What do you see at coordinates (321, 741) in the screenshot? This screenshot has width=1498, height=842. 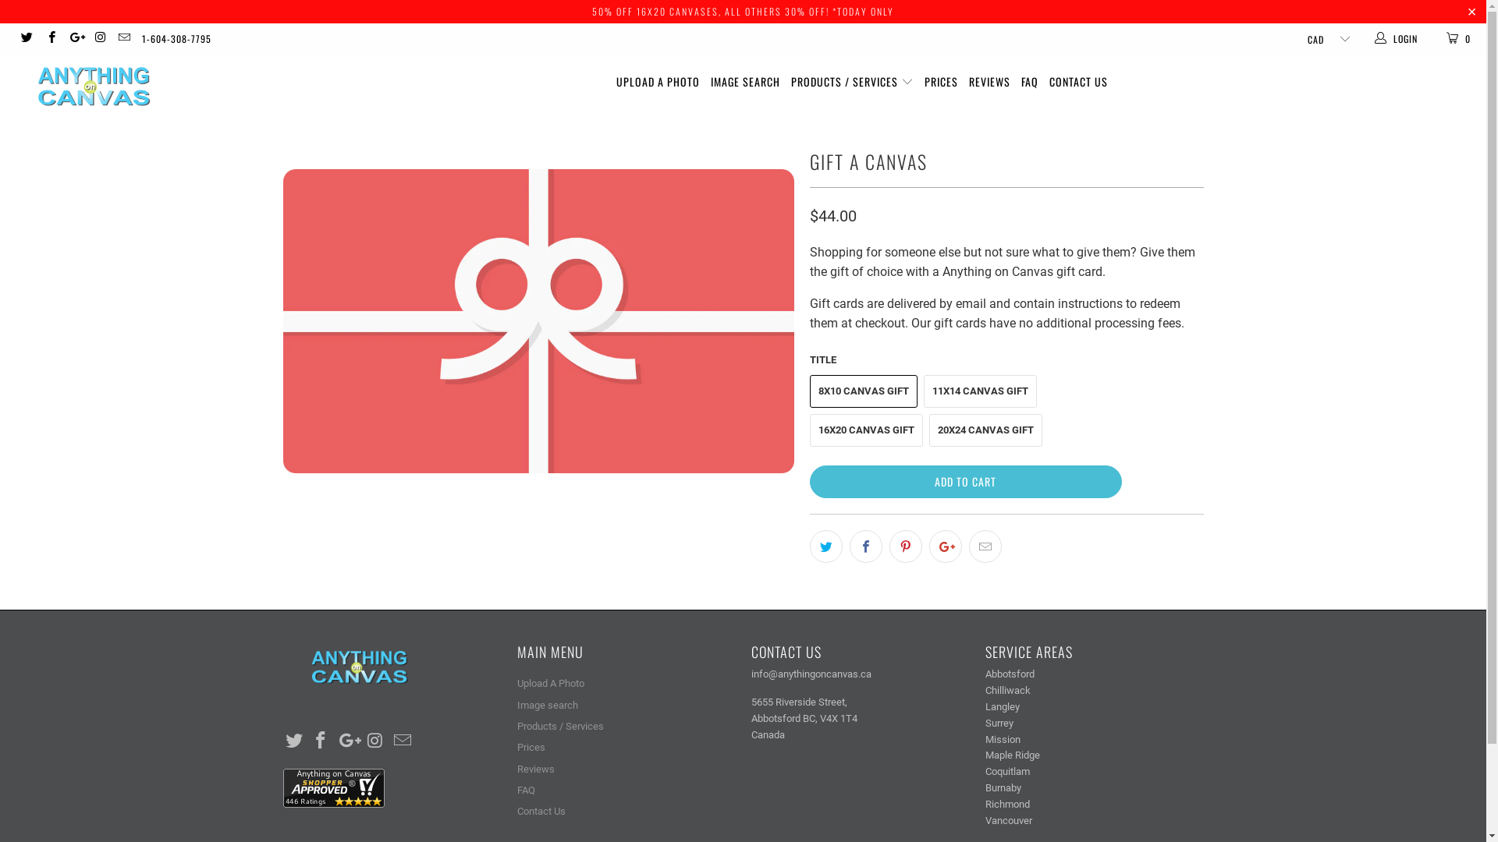 I see `'Anything on Canvas on Facebook'` at bounding box center [321, 741].